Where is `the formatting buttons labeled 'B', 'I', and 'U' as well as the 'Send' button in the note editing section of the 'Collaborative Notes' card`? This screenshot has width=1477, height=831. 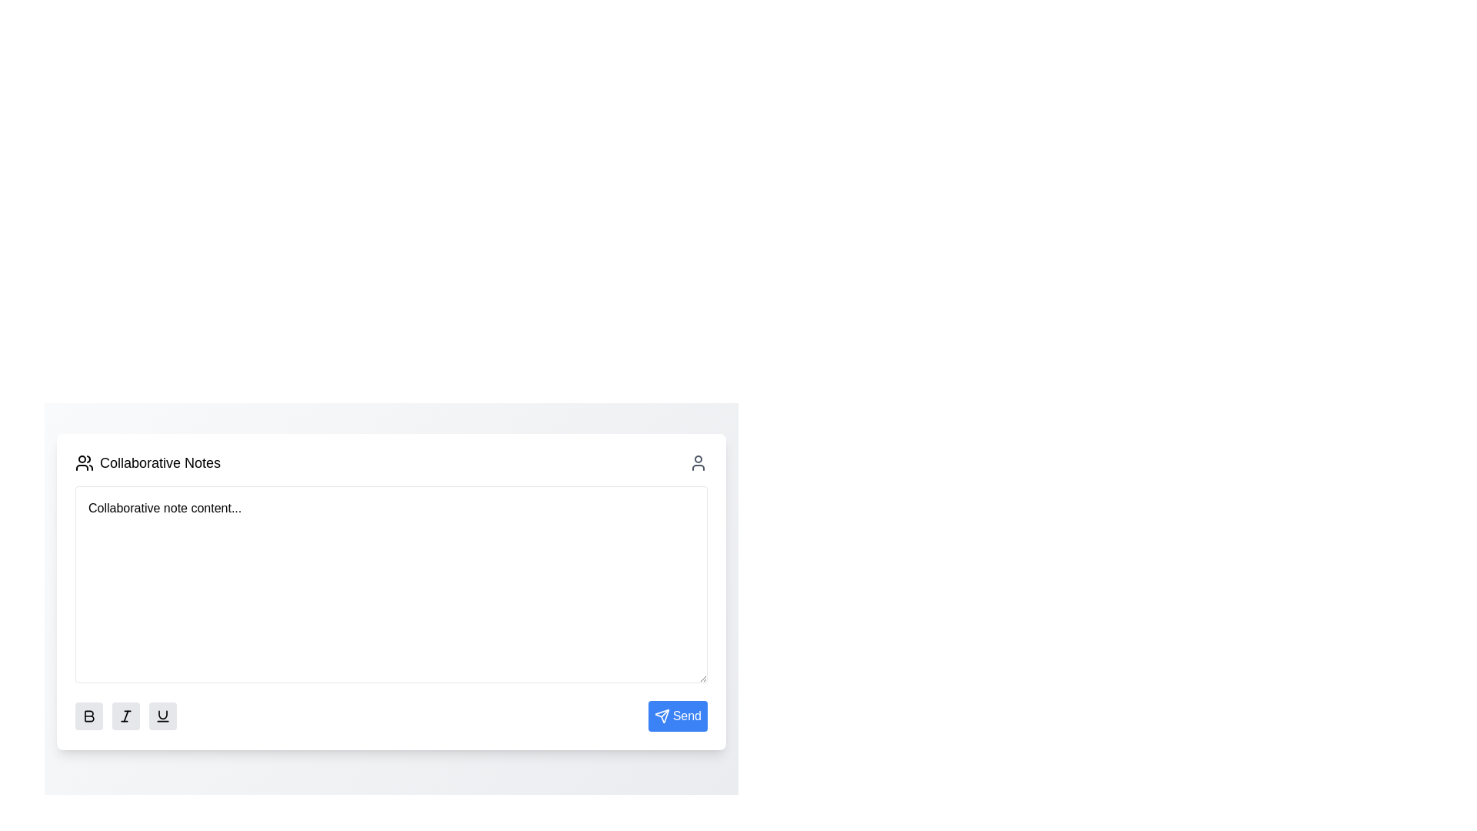 the formatting buttons labeled 'B', 'I', and 'U' as well as the 'Send' button in the note editing section of the 'Collaborative Notes' card is located at coordinates (391, 607).